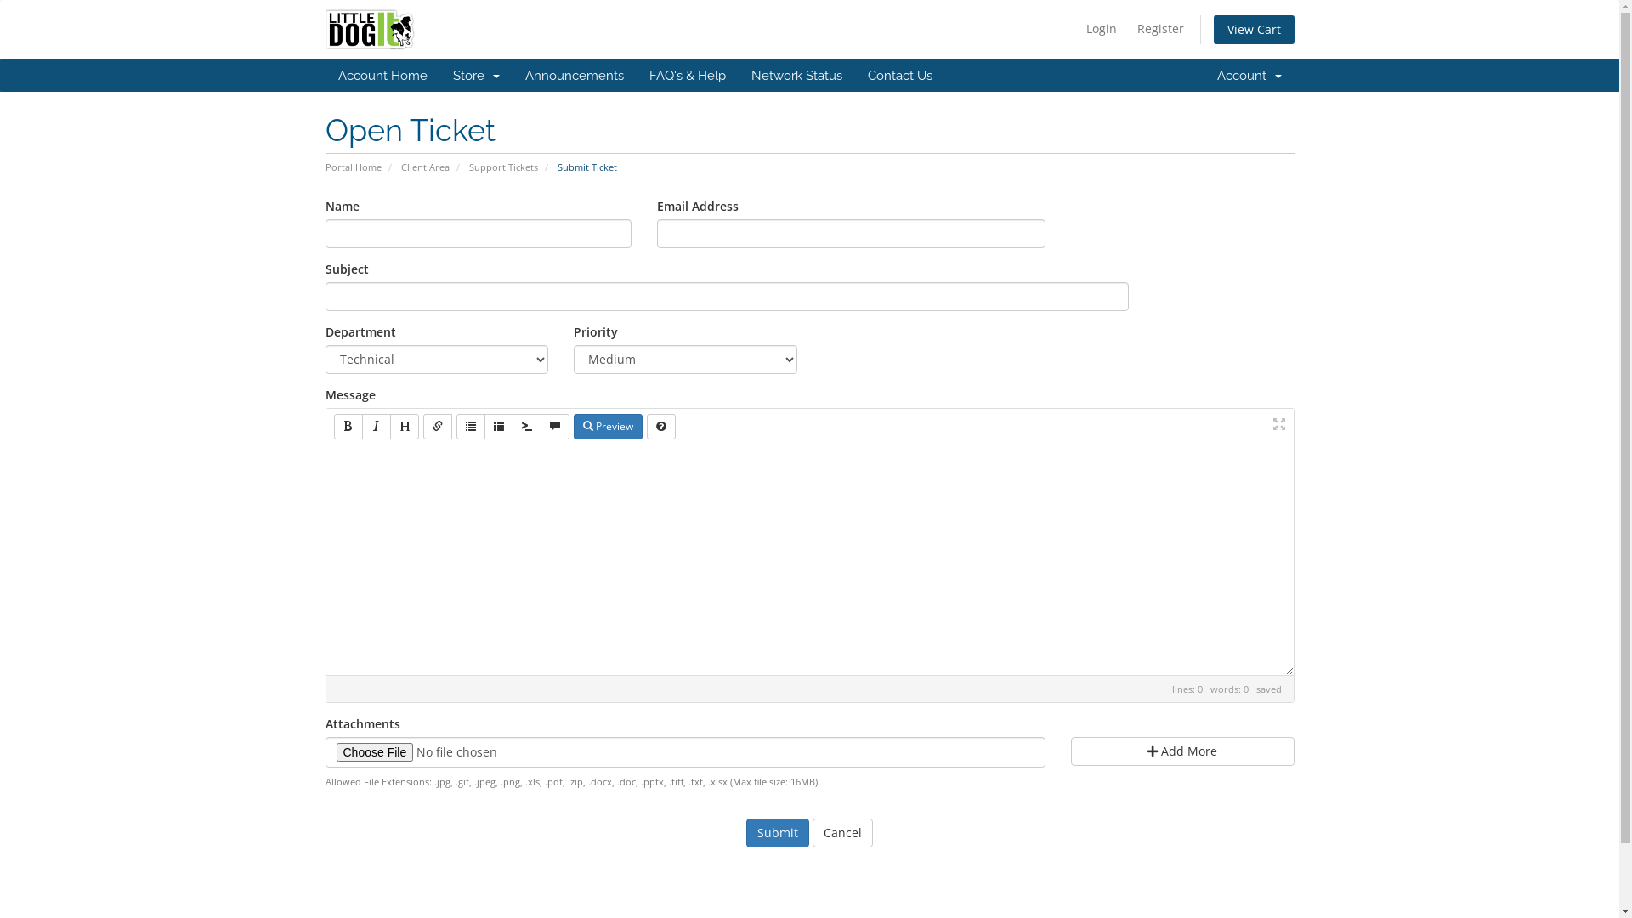 The image size is (1632, 918). What do you see at coordinates (572, 425) in the screenshot?
I see `'Preview'` at bounding box center [572, 425].